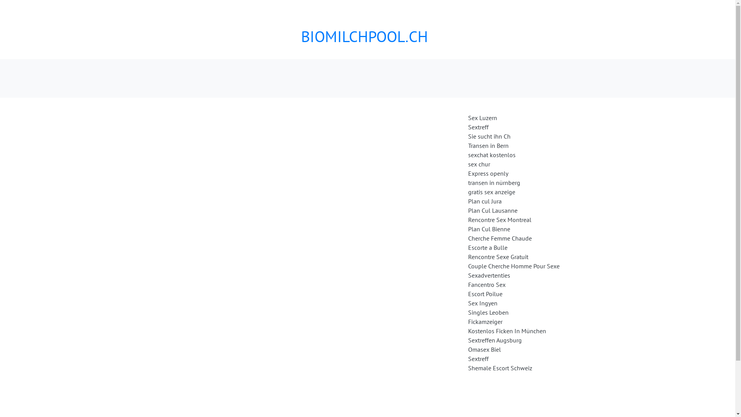 This screenshot has height=417, width=741. What do you see at coordinates (484, 200) in the screenshot?
I see `'Plan cul Jura'` at bounding box center [484, 200].